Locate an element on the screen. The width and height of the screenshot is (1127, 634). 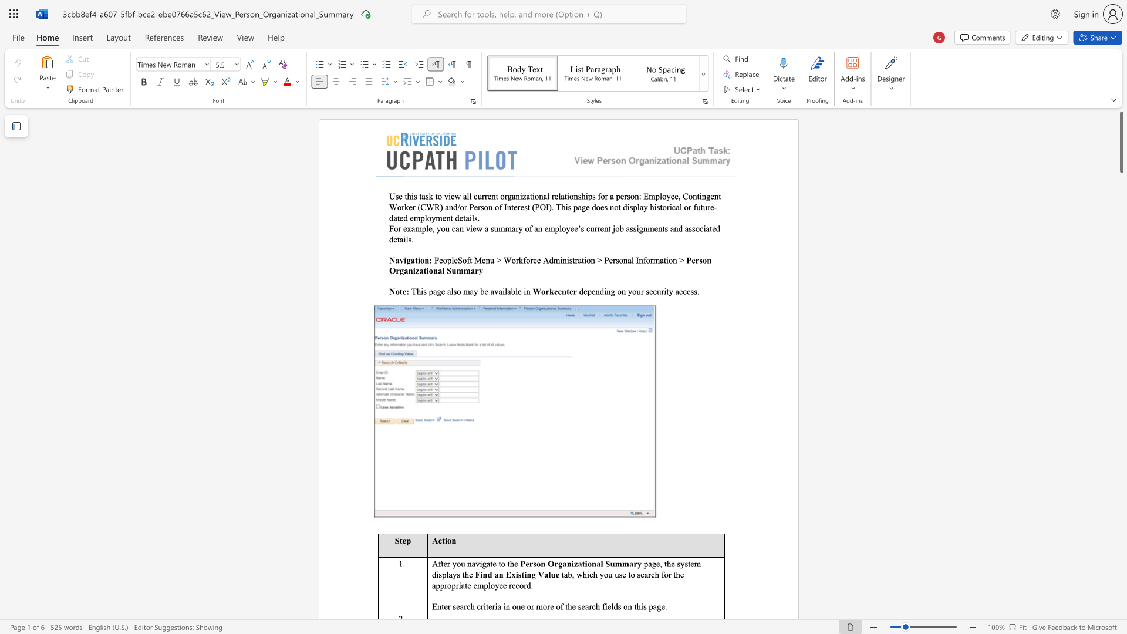
the 3th character "a" in the text is located at coordinates (487, 228).